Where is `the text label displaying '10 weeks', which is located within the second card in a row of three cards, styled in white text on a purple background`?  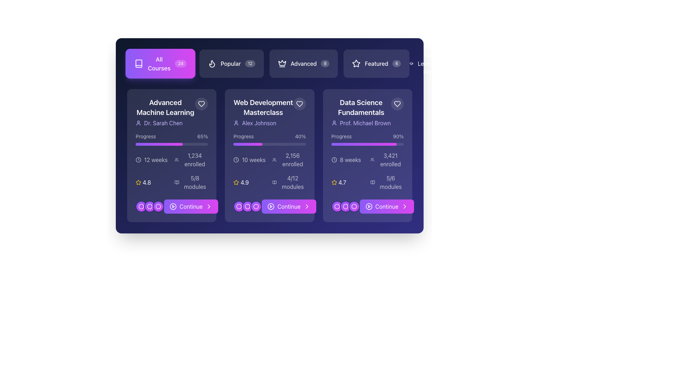
the text label displaying '10 weeks', which is located within the second card in a row of three cards, styled in white text on a purple background is located at coordinates (254, 160).